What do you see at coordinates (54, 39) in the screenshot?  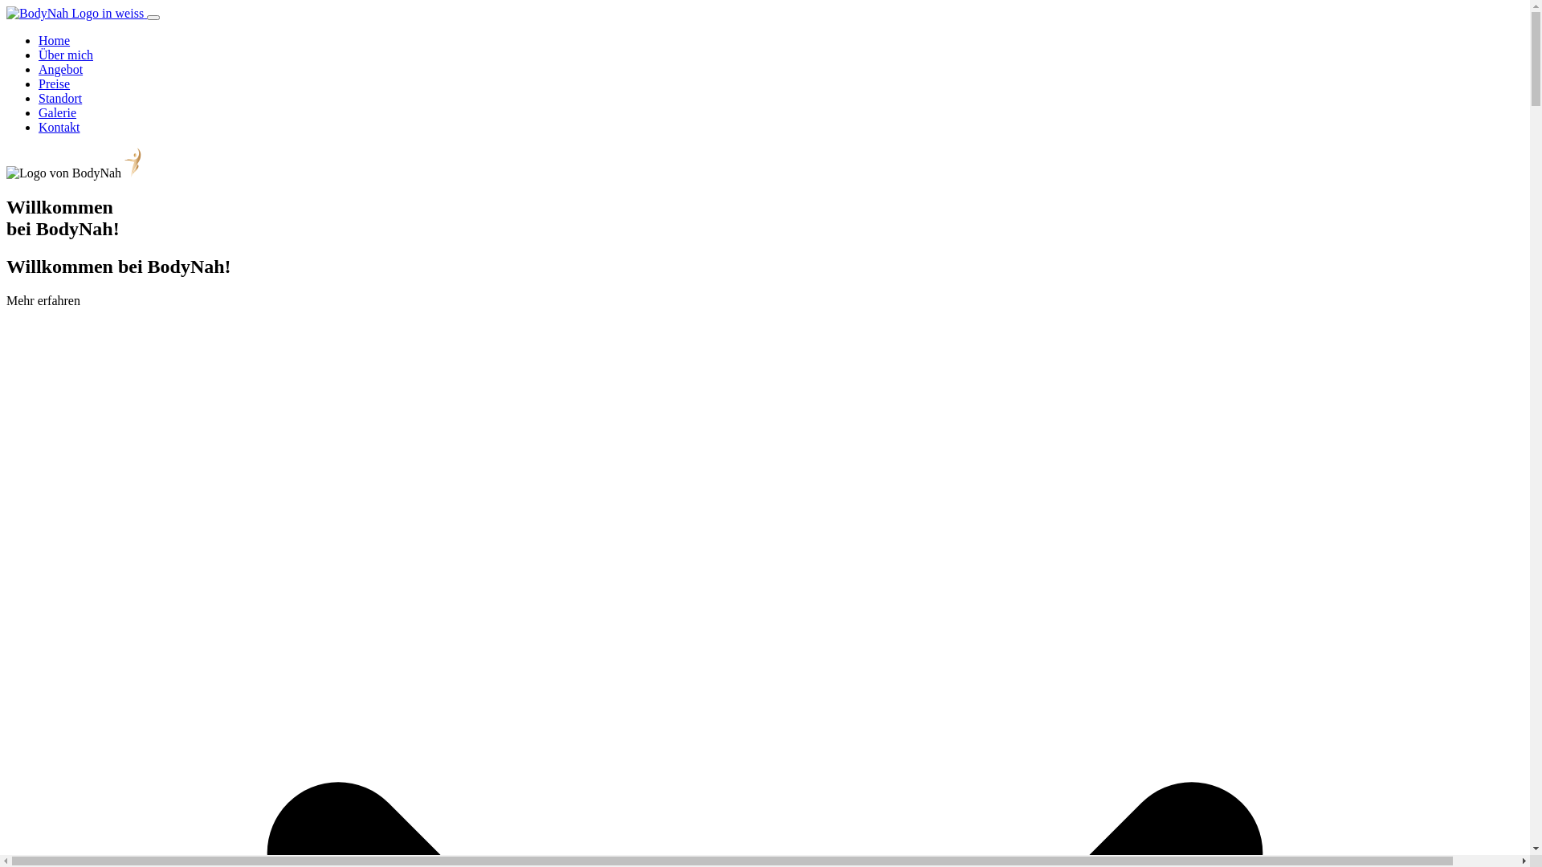 I see `'Home'` at bounding box center [54, 39].